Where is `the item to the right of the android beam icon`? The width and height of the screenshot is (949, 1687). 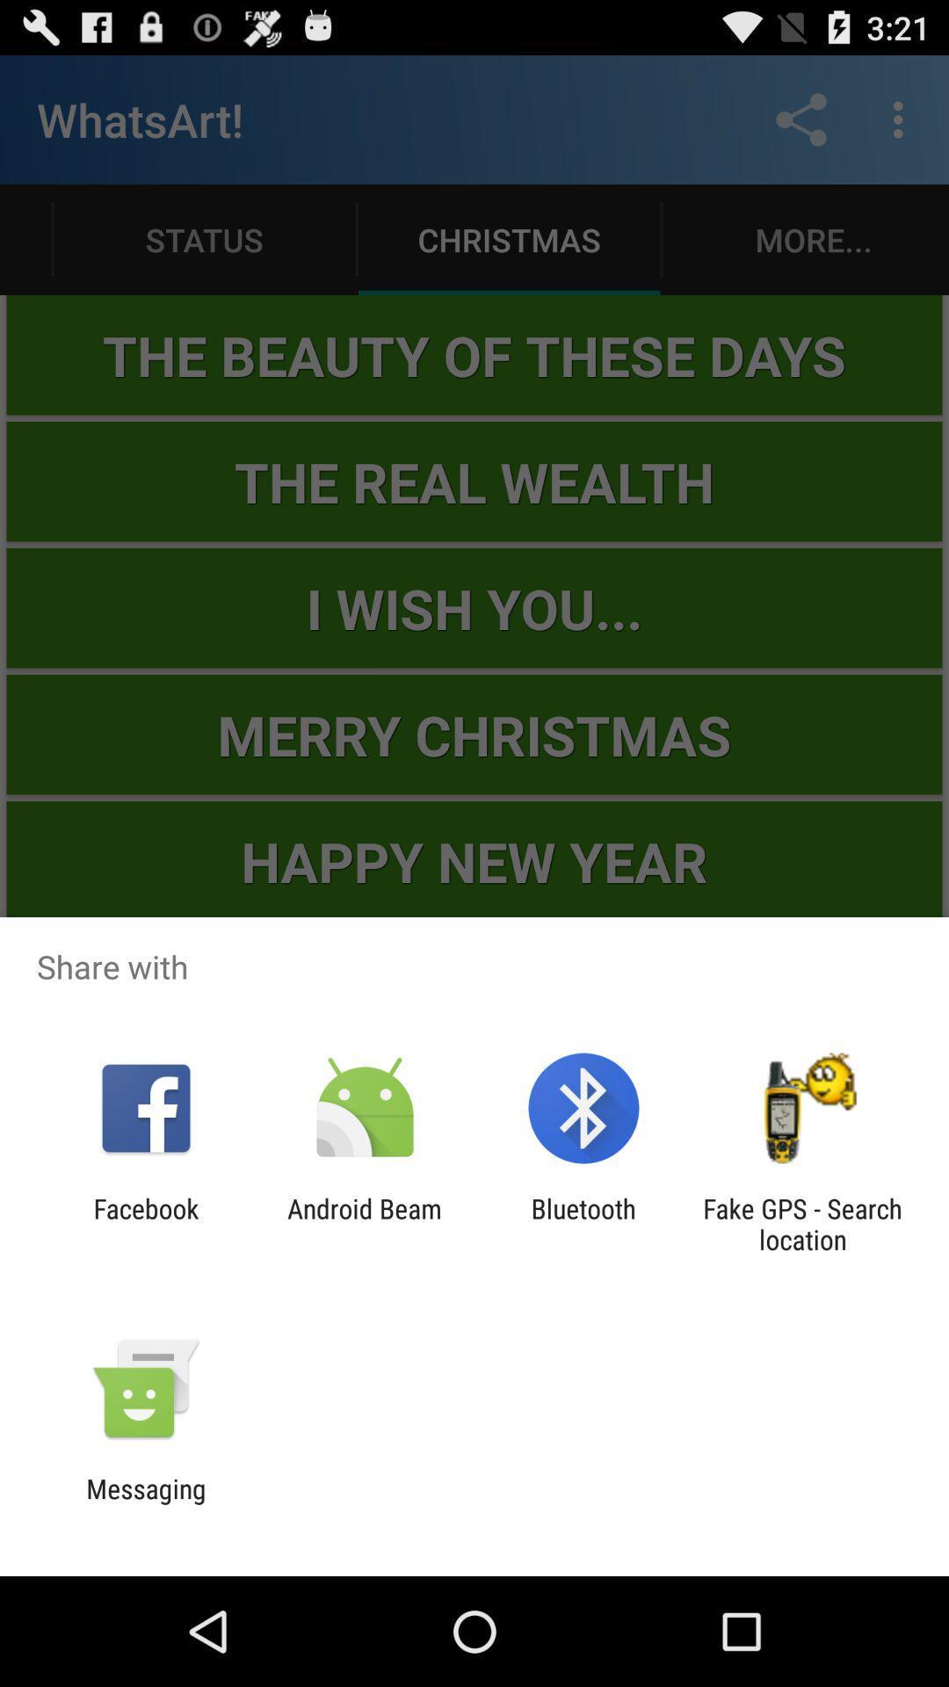 the item to the right of the android beam icon is located at coordinates (583, 1223).